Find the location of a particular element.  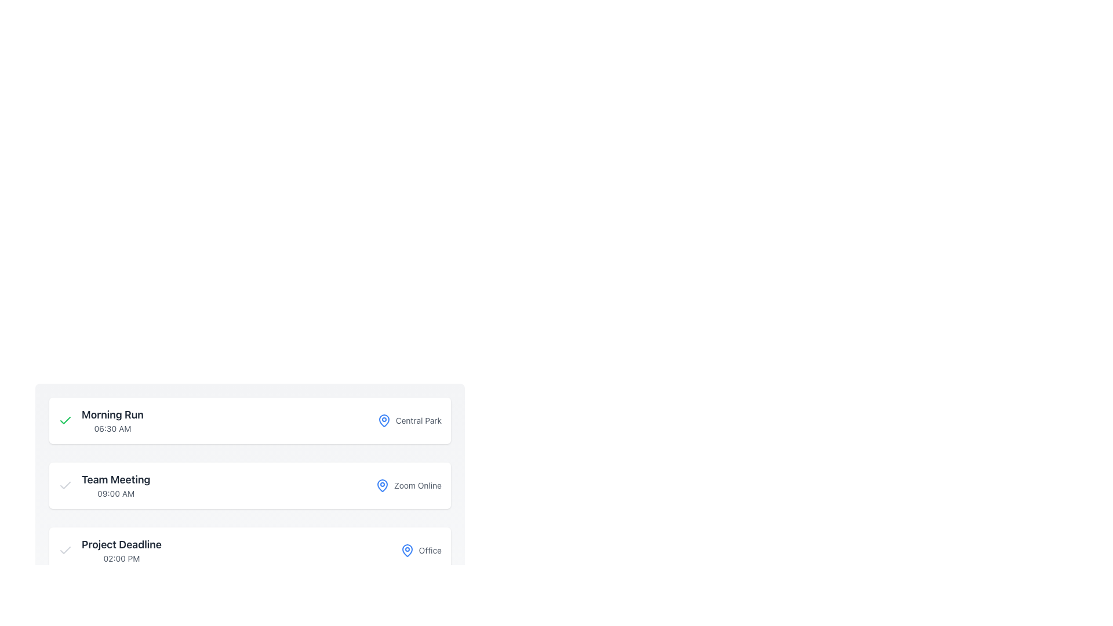

the 'Morning Run' text label with the green checkmark icon, which is located at the uppermost segment of the list structure is located at coordinates (101, 420).